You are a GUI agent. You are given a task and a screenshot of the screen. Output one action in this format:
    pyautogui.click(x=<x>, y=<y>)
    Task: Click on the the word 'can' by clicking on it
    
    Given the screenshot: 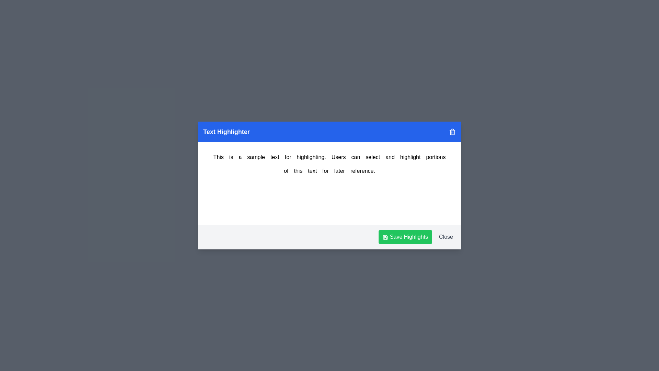 What is the action you would take?
    pyautogui.click(x=356, y=157)
    